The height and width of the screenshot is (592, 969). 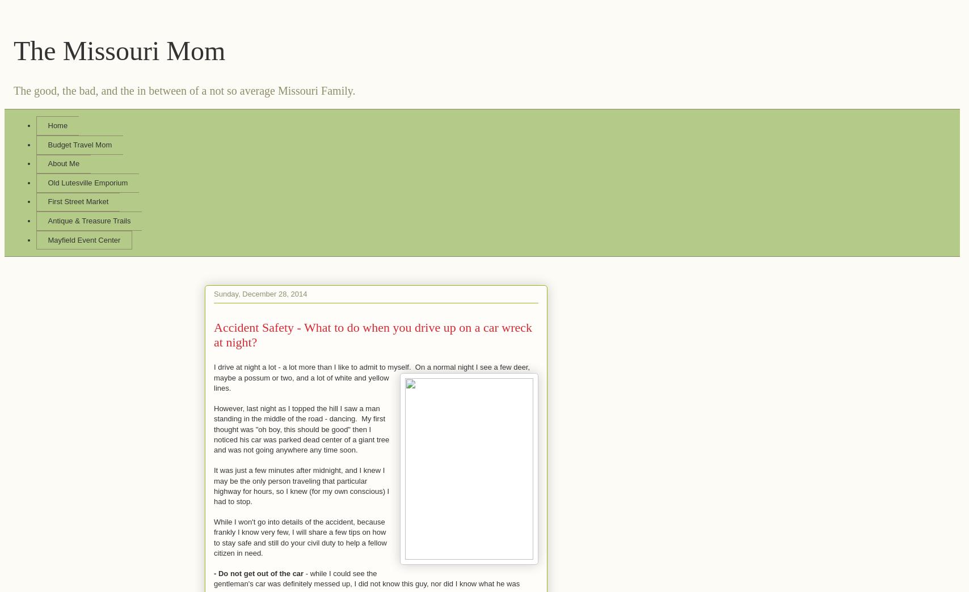 What do you see at coordinates (213, 485) in the screenshot?
I see `'It was just a few minutes after midnight, and I knew I may be the only person traveling that particular highway for hours, so I knew (for my own conscious) I had to stop.'` at bounding box center [213, 485].